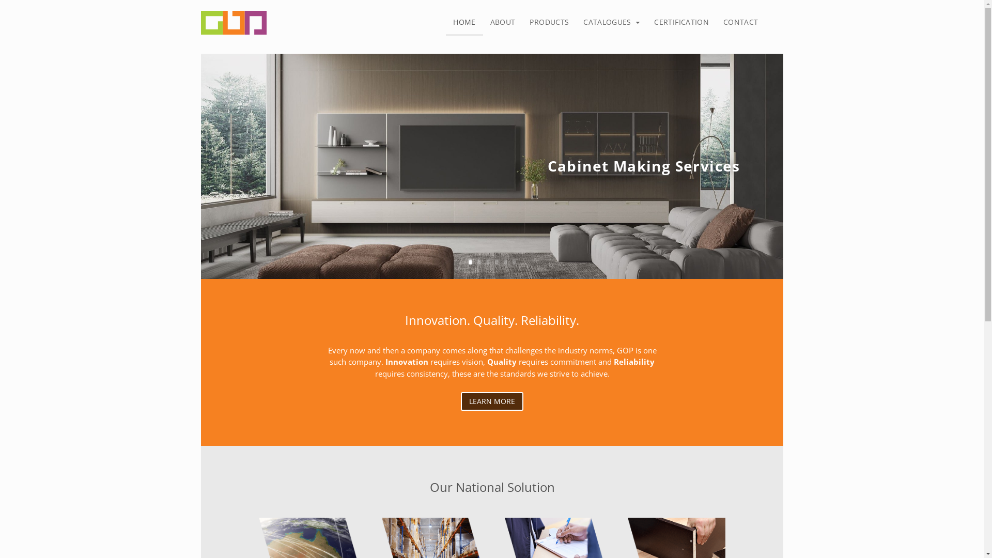 The width and height of the screenshot is (992, 558). I want to click on 'CERTIFICATION', so click(681, 22).